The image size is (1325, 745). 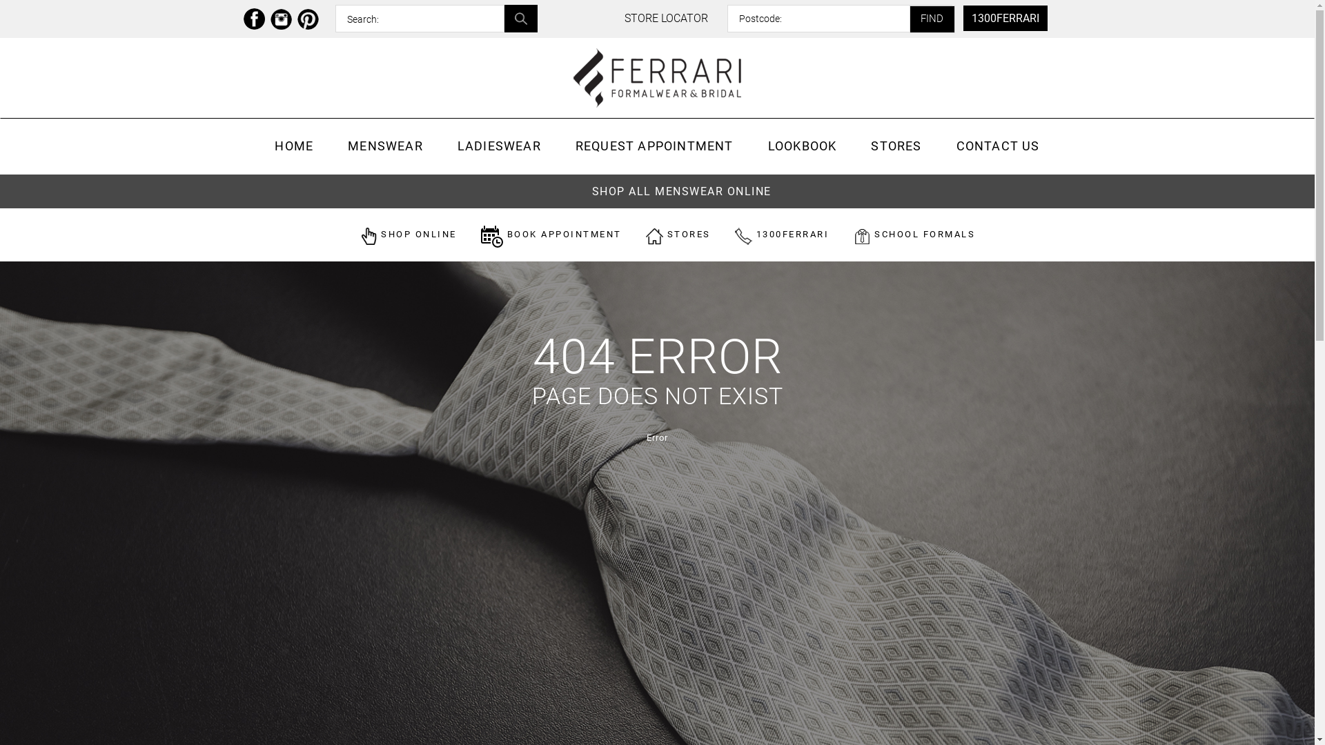 I want to click on 'SHOP ALL MENSWEAR ONLINE', so click(x=682, y=191).